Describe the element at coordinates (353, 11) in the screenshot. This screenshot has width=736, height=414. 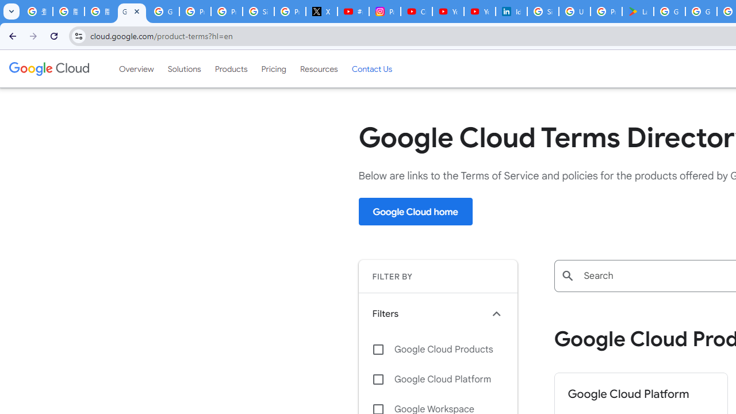
I see `'#nbabasketballhighlights - YouTube'` at that location.